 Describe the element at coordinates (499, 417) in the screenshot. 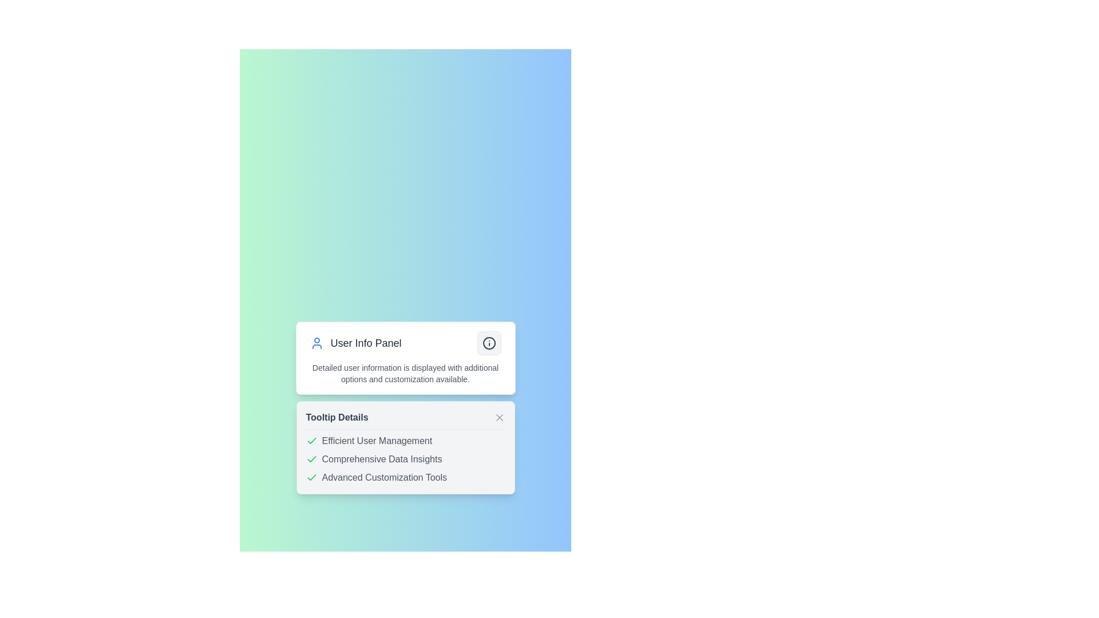

I see `the cross-shaped icon located at the top right corner of the 'Tooltip Details' card` at that location.